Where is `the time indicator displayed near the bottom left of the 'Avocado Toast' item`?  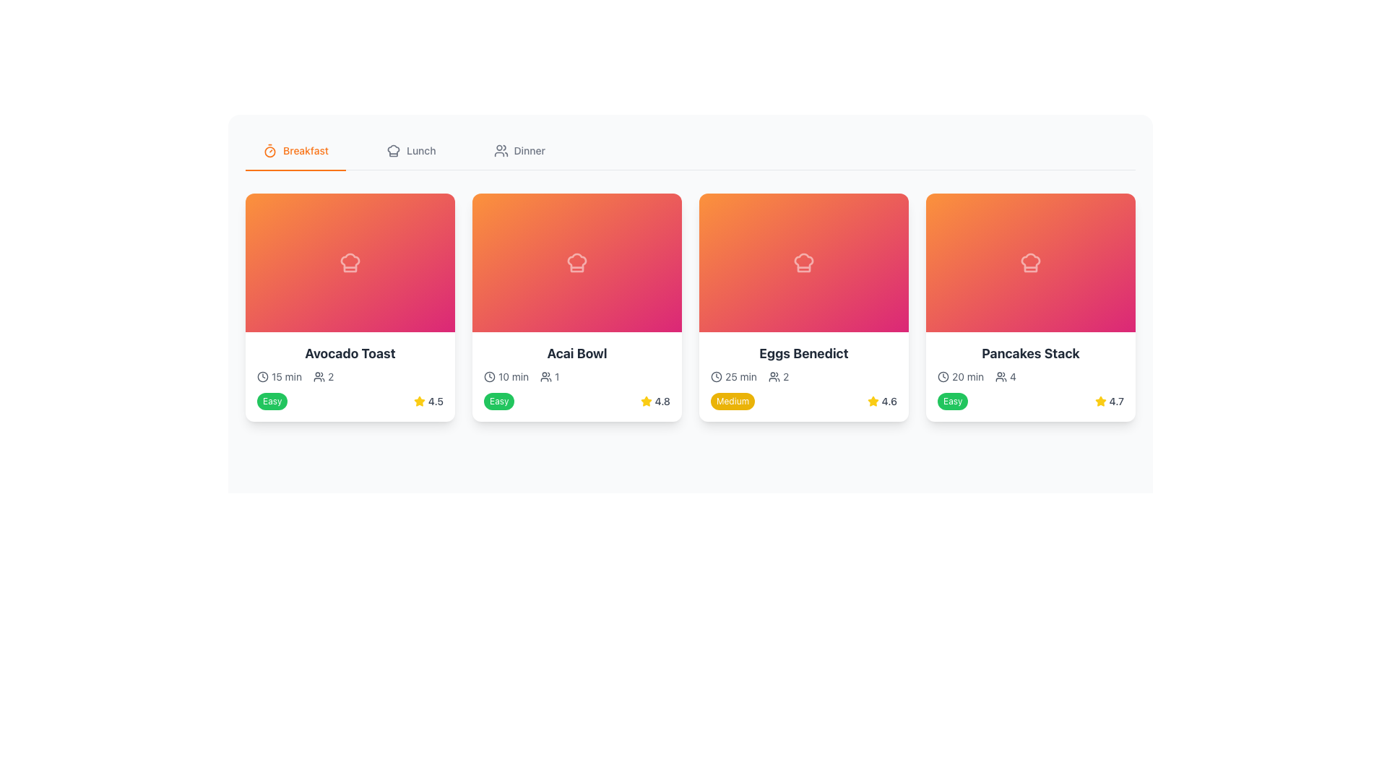 the time indicator displayed near the bottom left of the 'Avocado Toast' item is located at coordinates (734, 376).